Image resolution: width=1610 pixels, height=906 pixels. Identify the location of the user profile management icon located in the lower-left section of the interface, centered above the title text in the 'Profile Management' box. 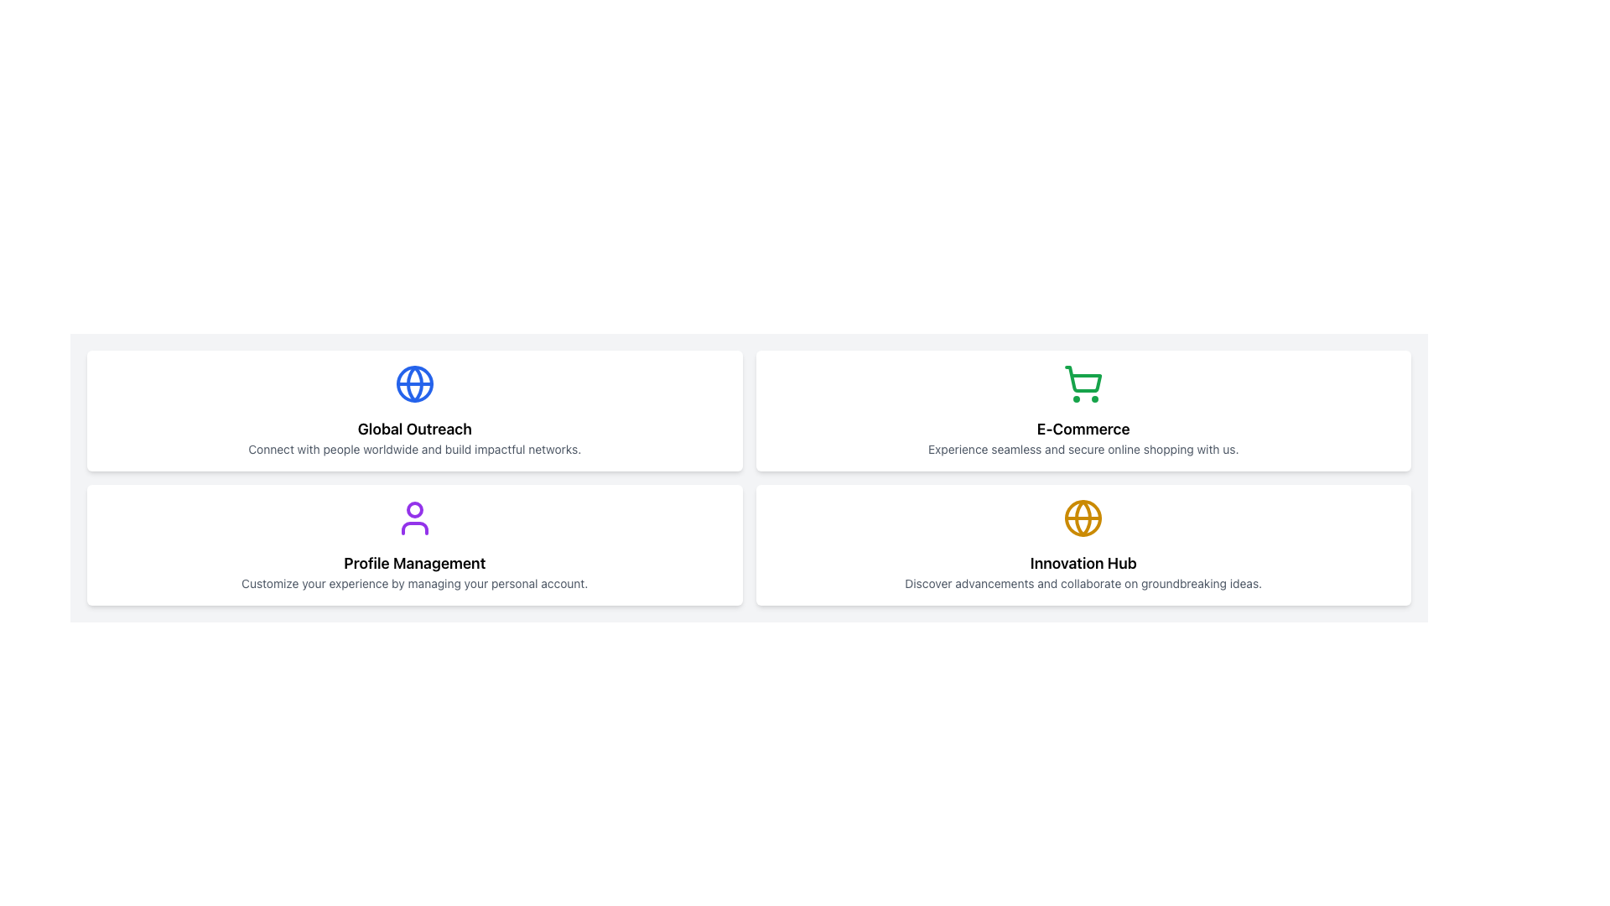
(414, 517).